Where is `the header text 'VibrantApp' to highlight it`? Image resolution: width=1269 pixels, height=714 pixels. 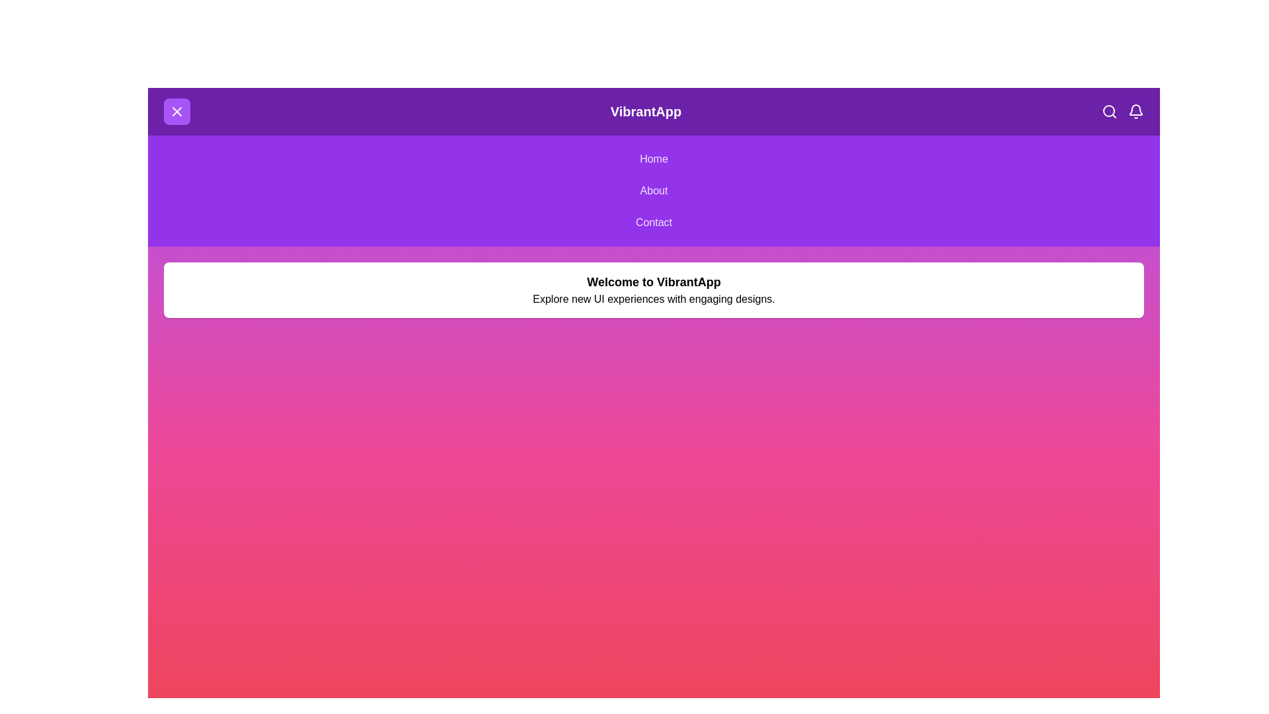
the header text 'VibrantApp' to highlight it is located at coordinates (646, 111).